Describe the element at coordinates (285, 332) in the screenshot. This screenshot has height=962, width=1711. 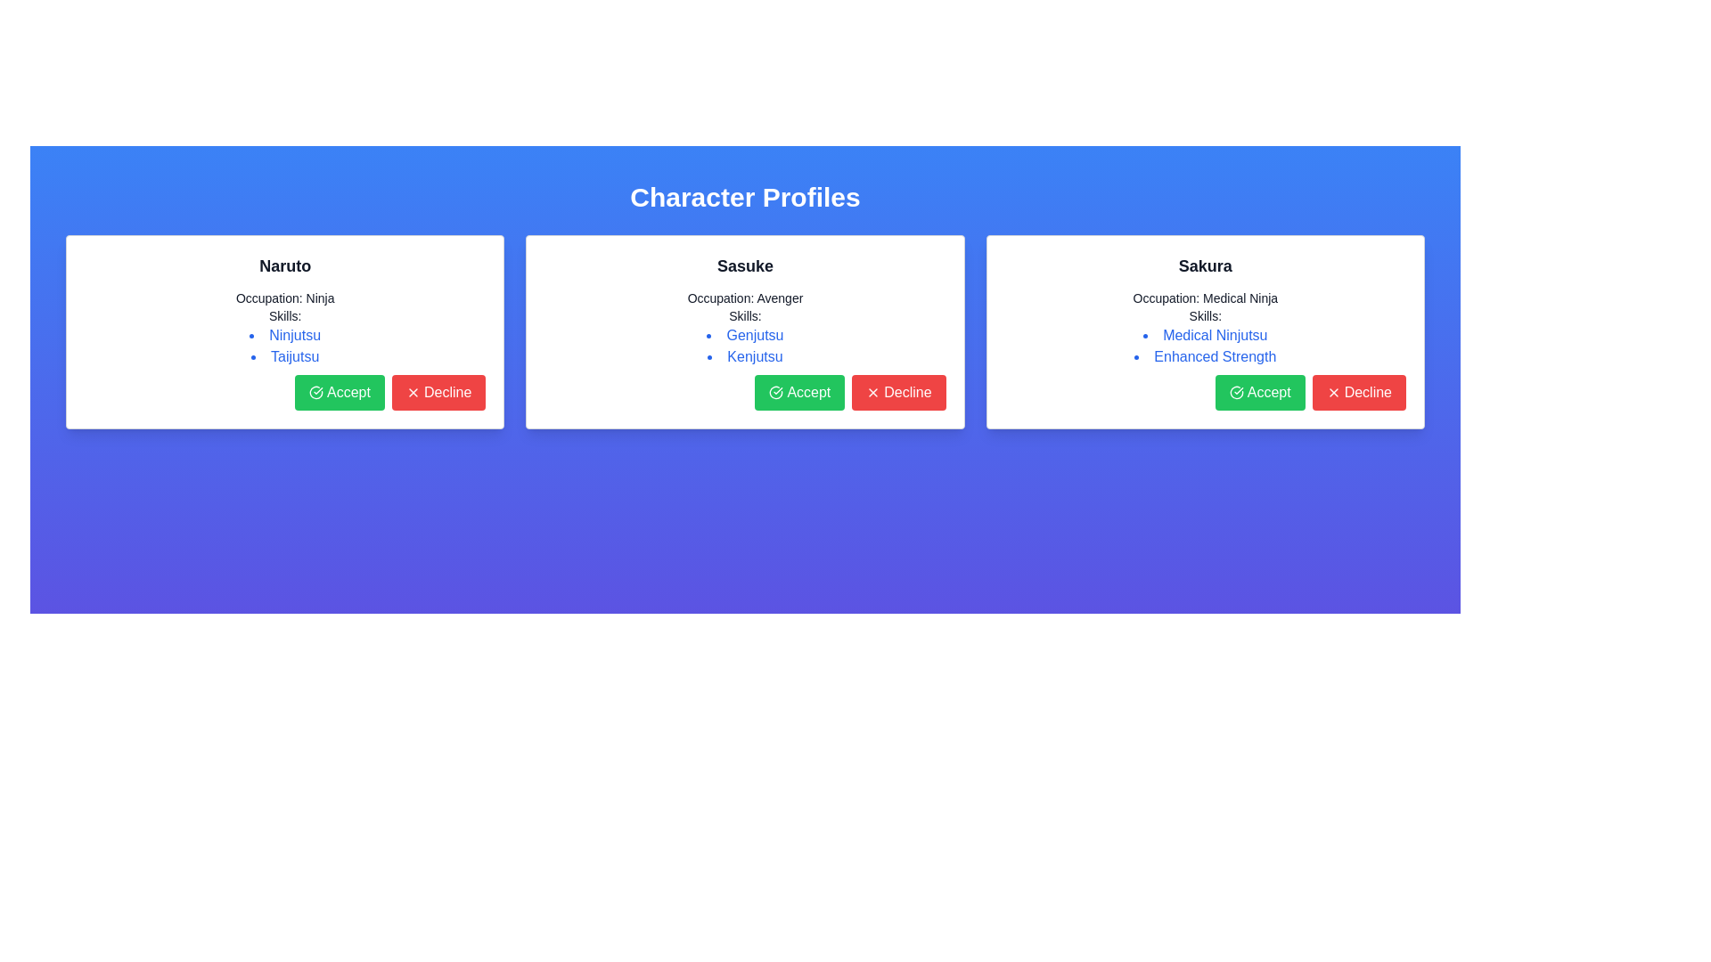
I see `the linked skills in the Profile card for 'Naruto', which contains clickable blue links for skills` at that location.